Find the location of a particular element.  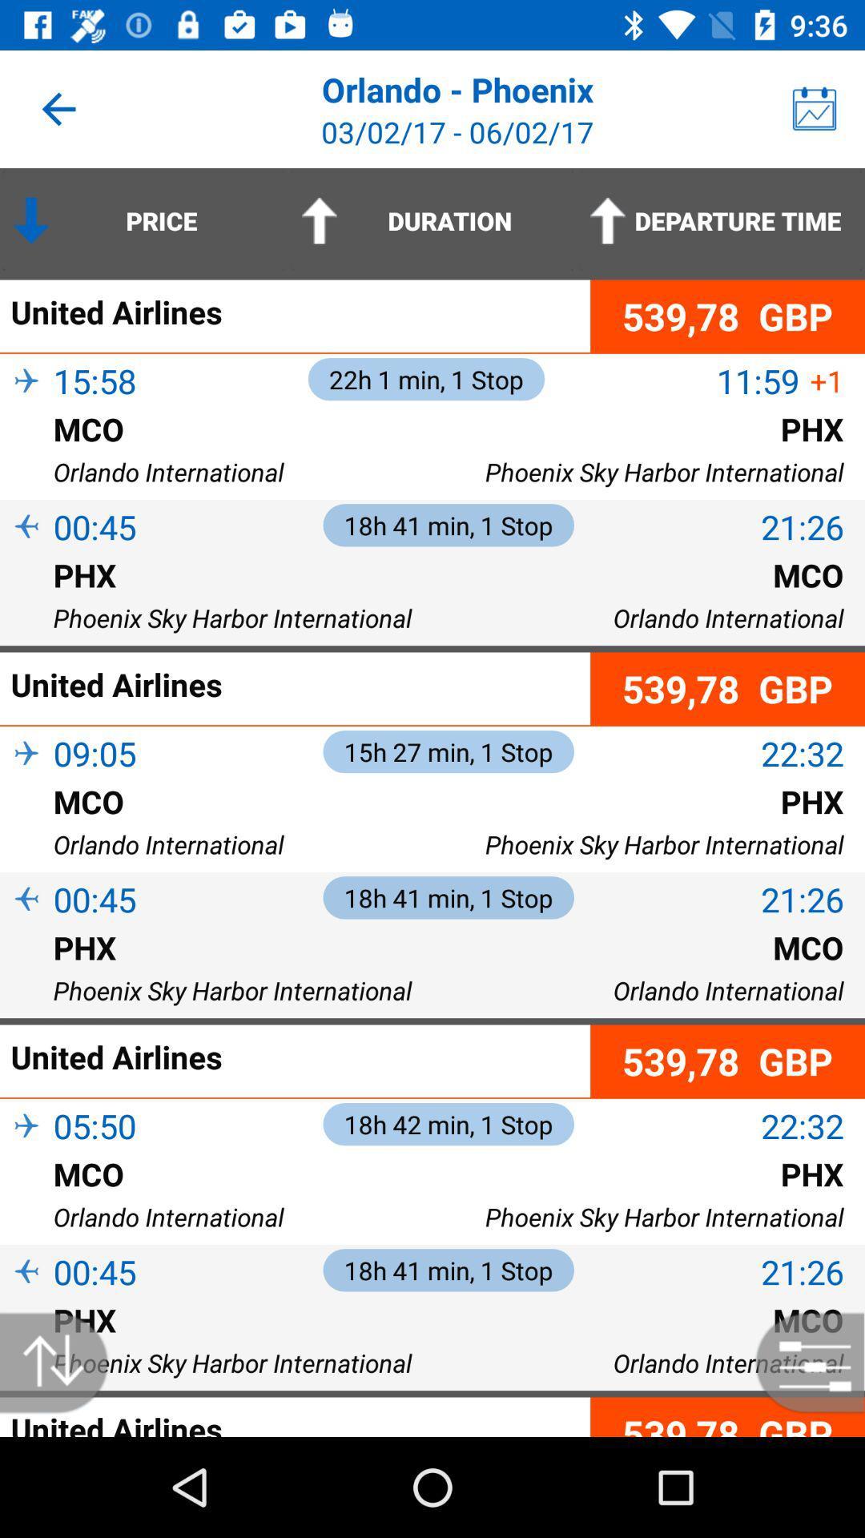

item below the 00:45 item is located at coordinates (26, 1298).